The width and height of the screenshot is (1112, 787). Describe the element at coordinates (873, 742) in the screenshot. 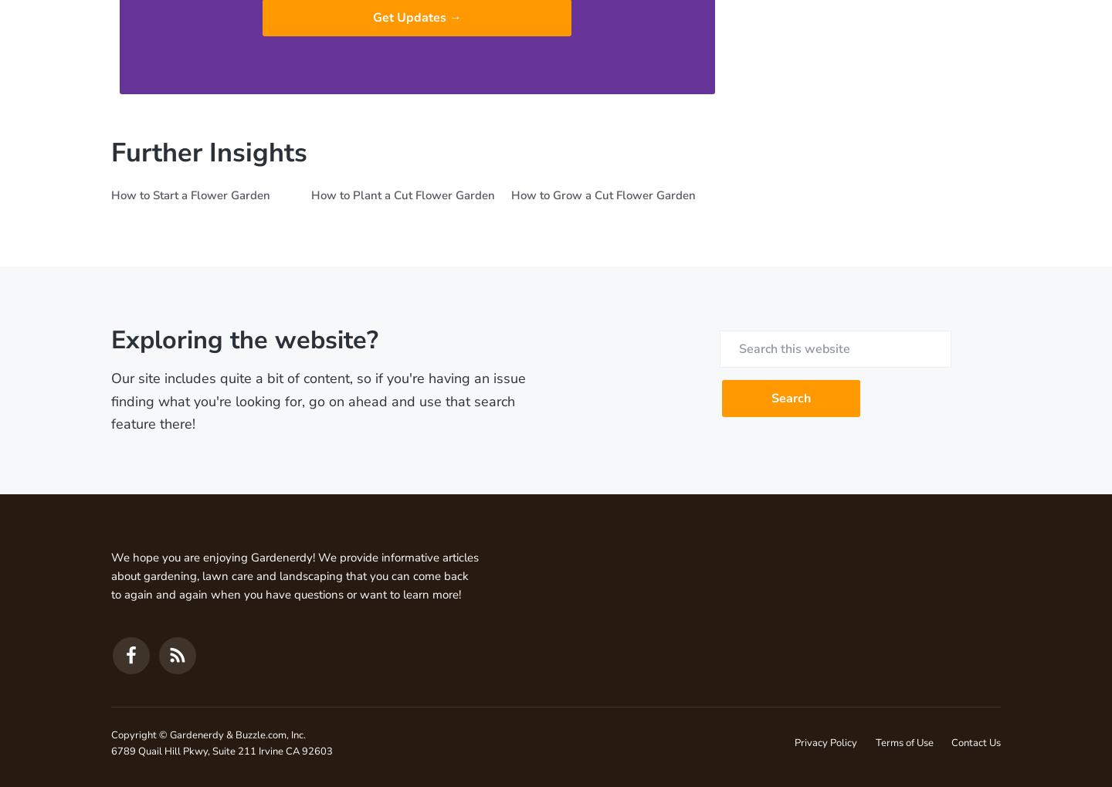

I see `'Terms of Use'` at that location.